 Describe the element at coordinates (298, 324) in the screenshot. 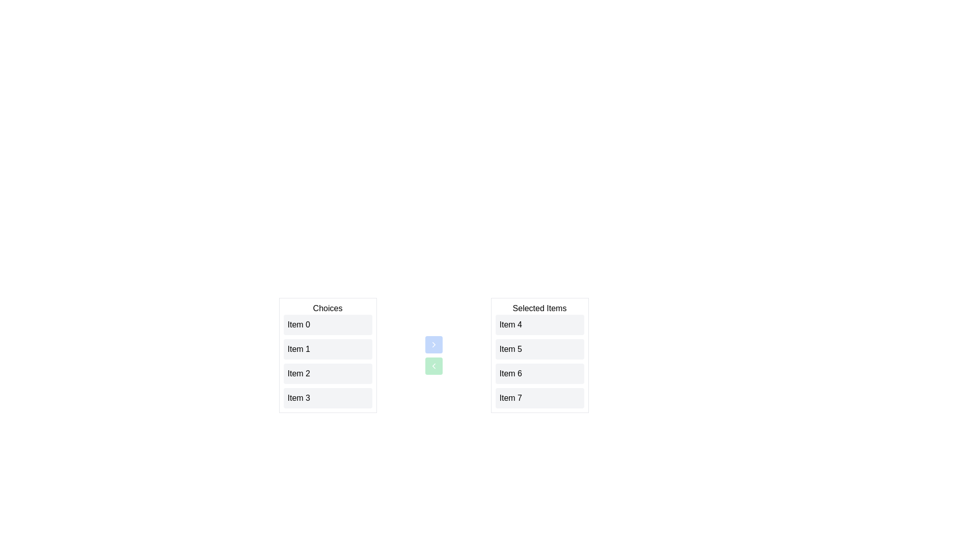

I see `the text label displaying 'Item 0' within the selectable items in the 'Choices' column, located at the top of the list` at that location.